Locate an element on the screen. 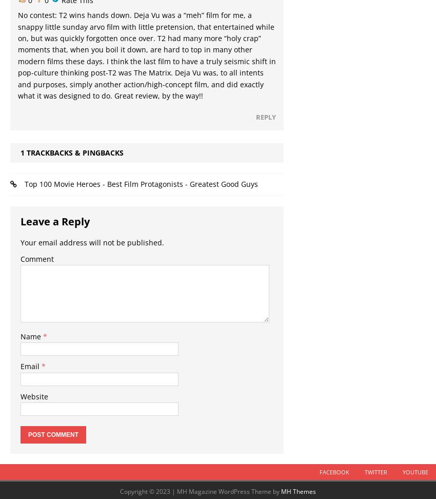  'Email' is located at coordinates (31, 366).